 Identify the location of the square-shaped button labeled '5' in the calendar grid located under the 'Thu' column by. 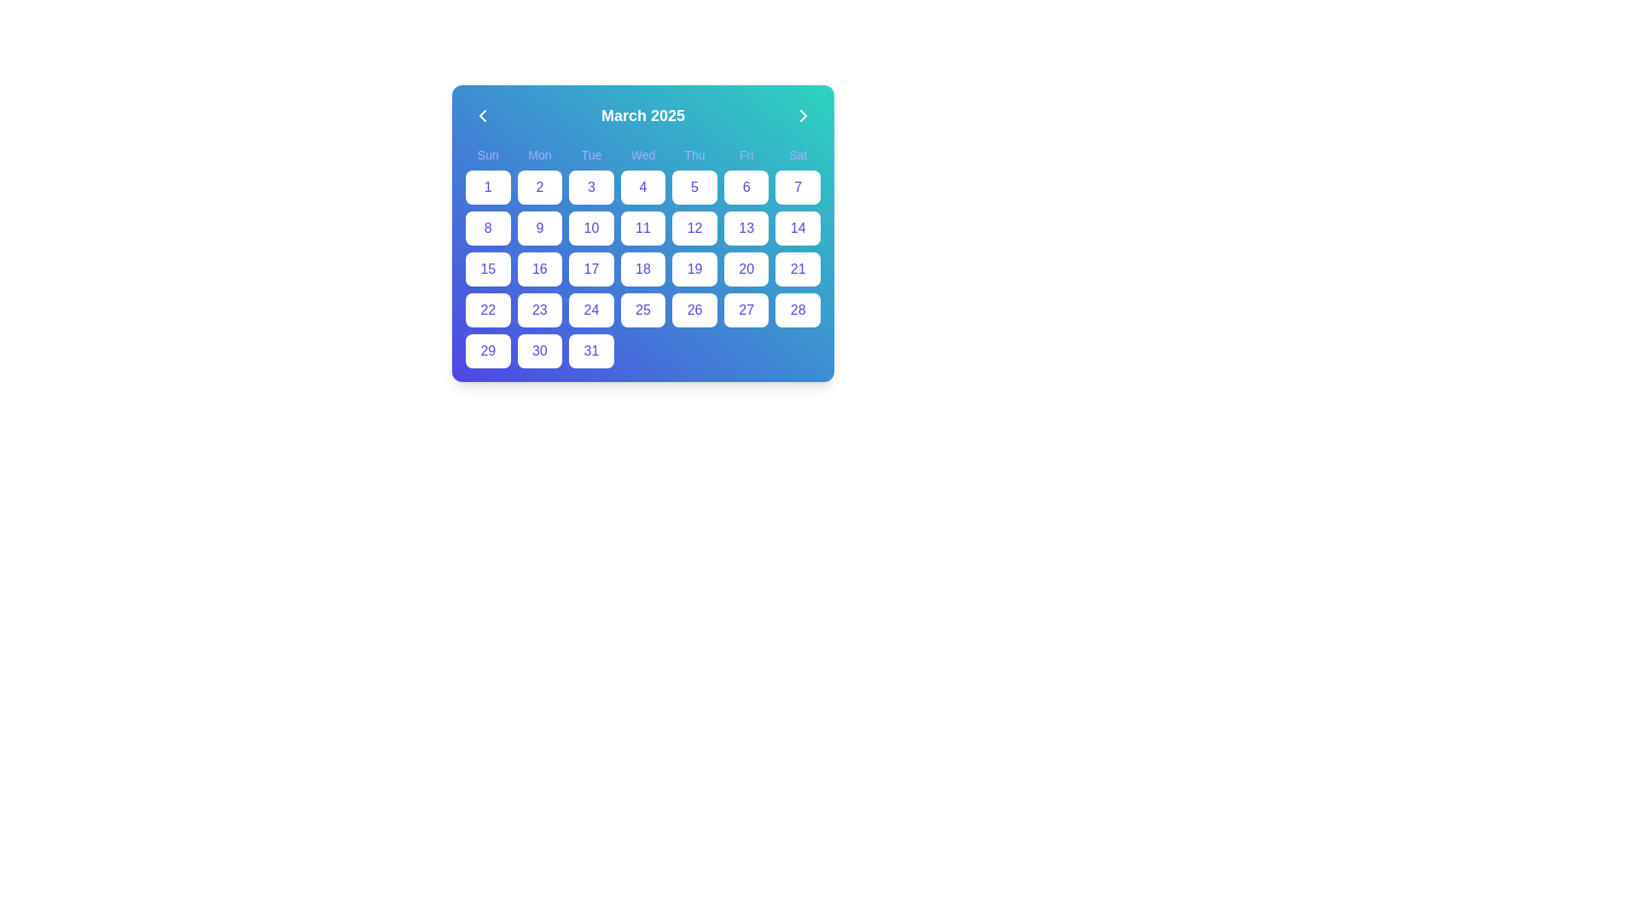
(694, 187).